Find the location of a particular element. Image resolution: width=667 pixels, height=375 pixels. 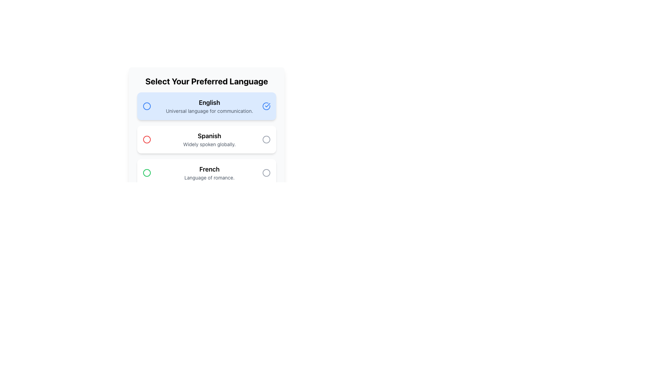

the descriptive text label that clarifies the 'English' language option, stating it as a 'Universal language for communication.' is located at coordinates (209, 111).